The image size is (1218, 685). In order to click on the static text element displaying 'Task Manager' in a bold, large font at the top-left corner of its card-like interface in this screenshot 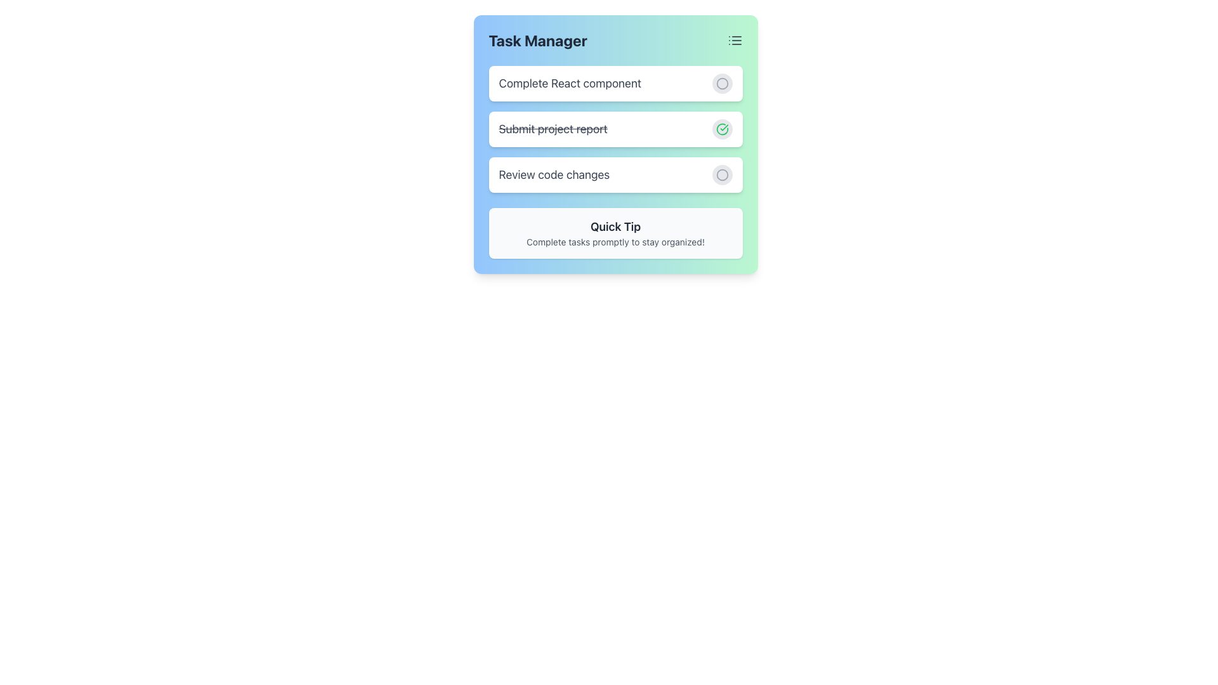, I will do `click(538, 40)`.